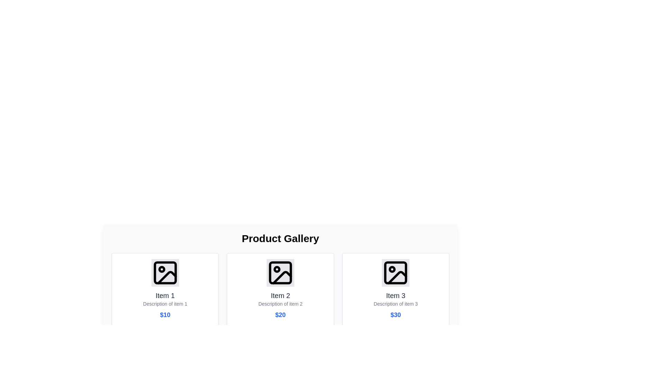 The image size is (664, 373). Describe the element at coordinates (396, 303) in the screenshot. I see `contents of the text label that says 'Description of item 3', which is styled in a small, gray font and located in the third product card of the gallery` at that location.